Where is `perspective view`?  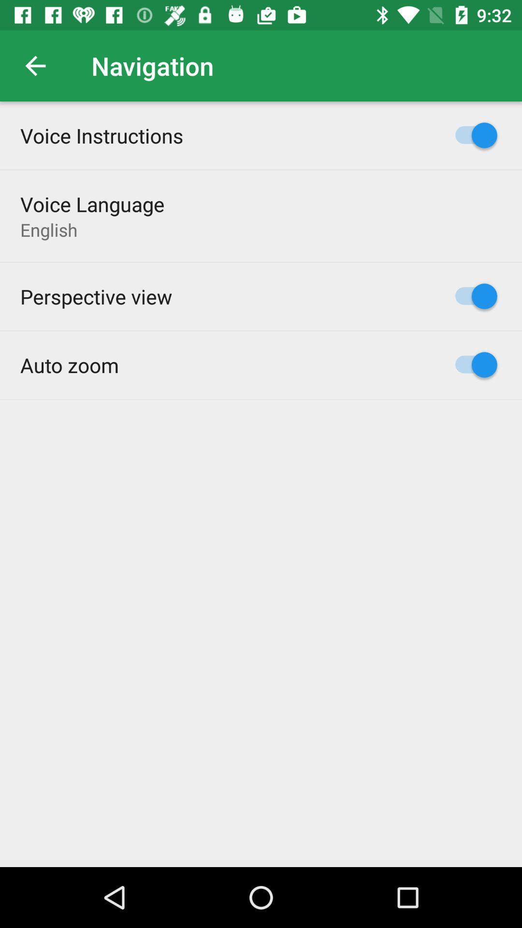 perspective view is located at coordinates (96, 296).